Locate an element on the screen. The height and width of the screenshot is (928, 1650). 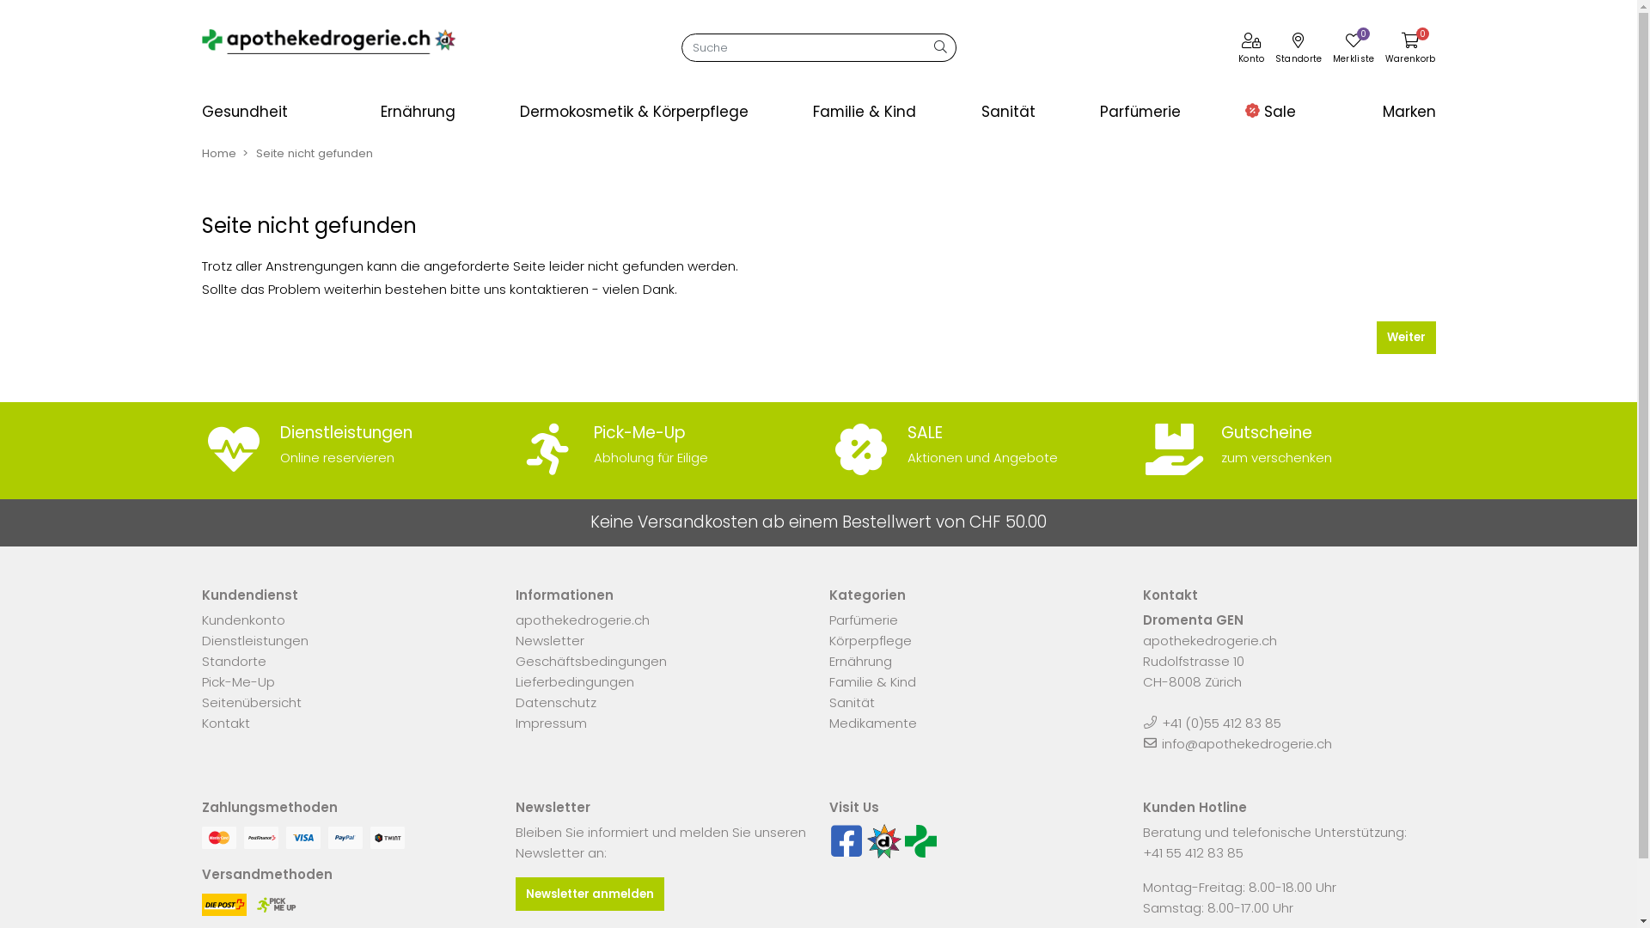
'0 is located at coordinates (1410, 49).